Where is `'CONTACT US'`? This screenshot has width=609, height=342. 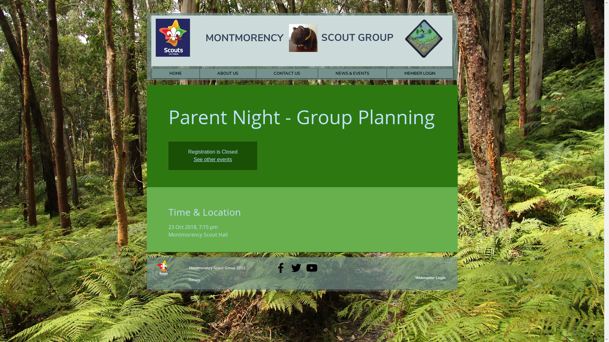 'CONTACT US' is located at coordinates (286, 73).